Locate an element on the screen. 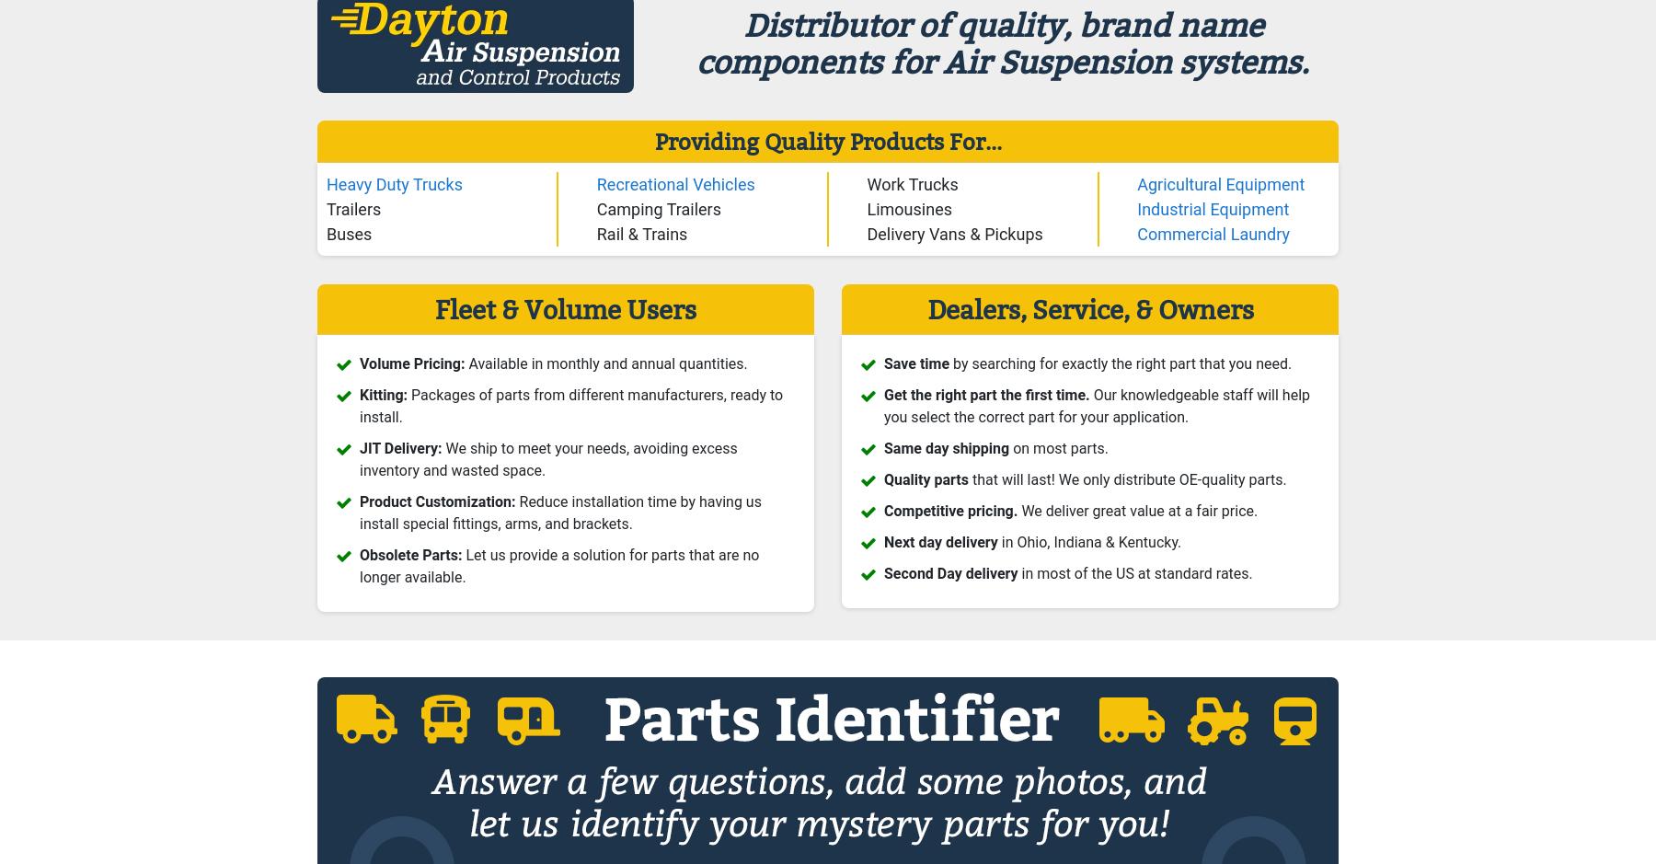 Image resolution: width=1656 pixels, height=864 pixels. 'by searching for exactly the right part that you need.' is located at coordinates (1120, 363).